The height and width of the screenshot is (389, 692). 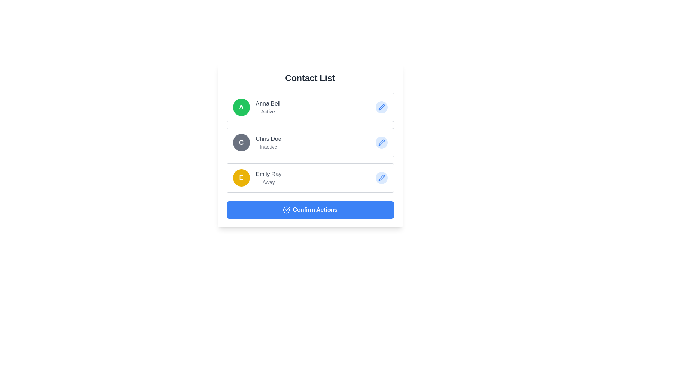 What do you see at coordinates (257, 143) in the screenshot?
I see `the contact list item displaying 'Chris Doe'` at bounding box center [257, 143].